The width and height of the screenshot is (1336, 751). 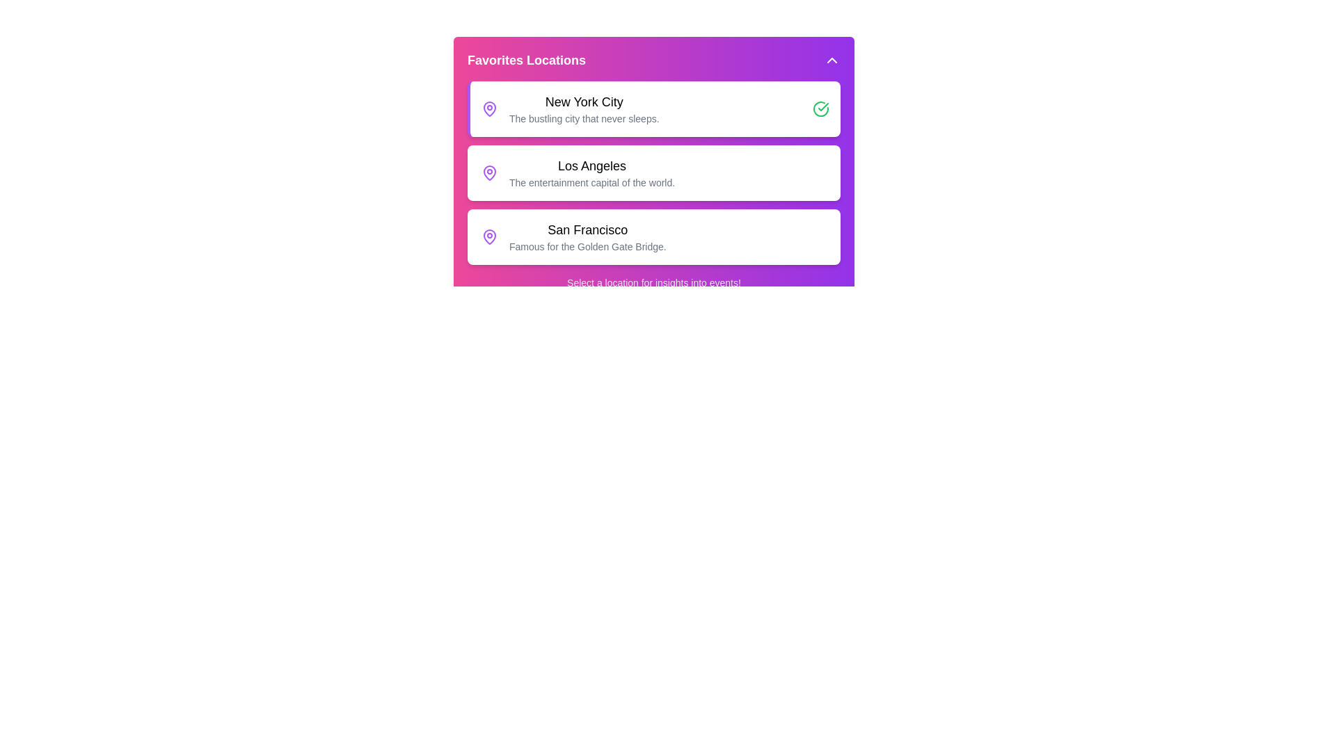 What do you see at coordinates (653, 60) in the screenshot?
I see `the header section to inspect it` at bounding box center [653, 60].